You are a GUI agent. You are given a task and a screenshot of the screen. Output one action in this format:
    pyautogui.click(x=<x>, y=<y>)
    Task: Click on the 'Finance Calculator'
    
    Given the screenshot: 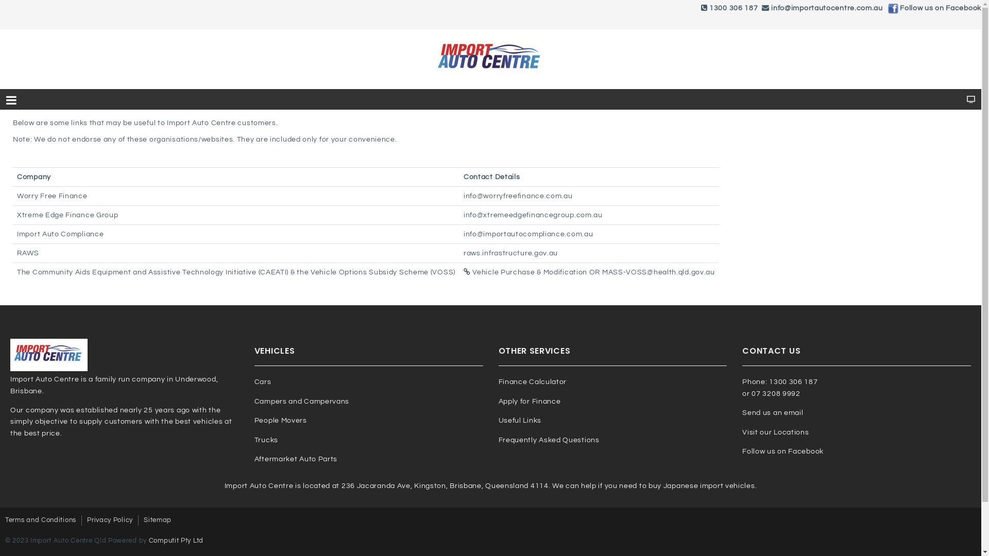 What is the action you would take?
    pyautogui.click(x=533, y=381)
    